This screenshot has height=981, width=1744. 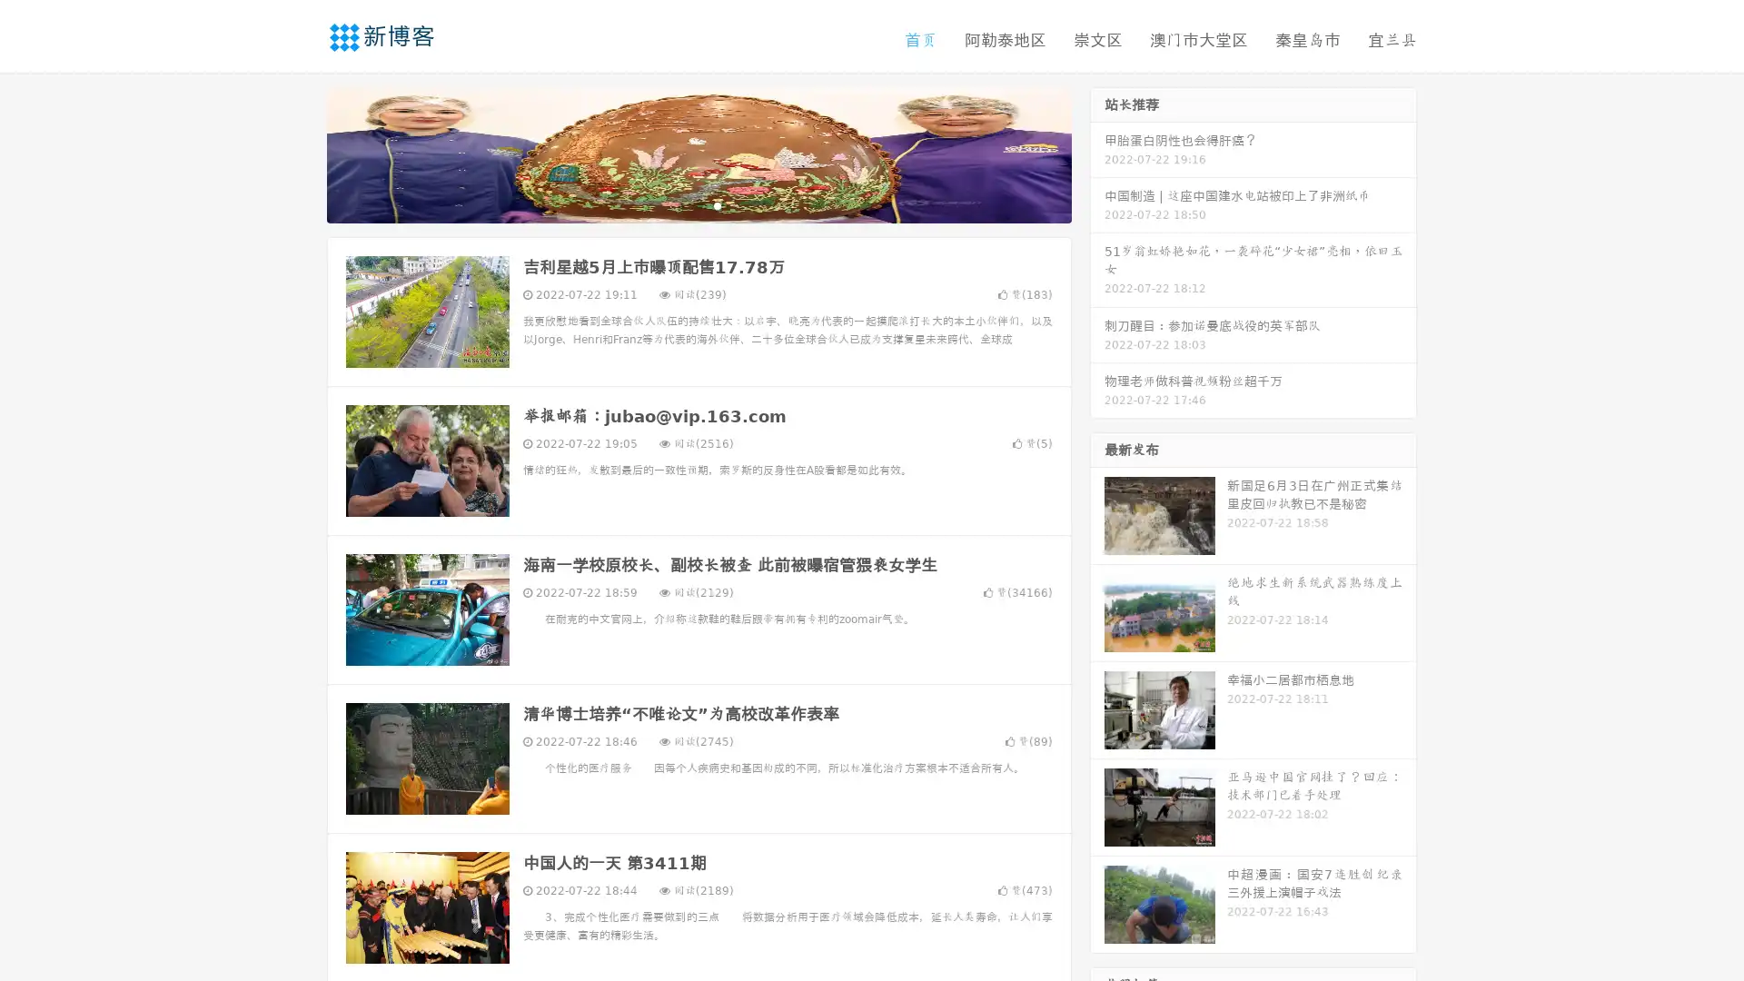 What do you see at coordinates (1097, 153) in the screenshot?
I see `Next slide` at bounding box center [1097, 153].